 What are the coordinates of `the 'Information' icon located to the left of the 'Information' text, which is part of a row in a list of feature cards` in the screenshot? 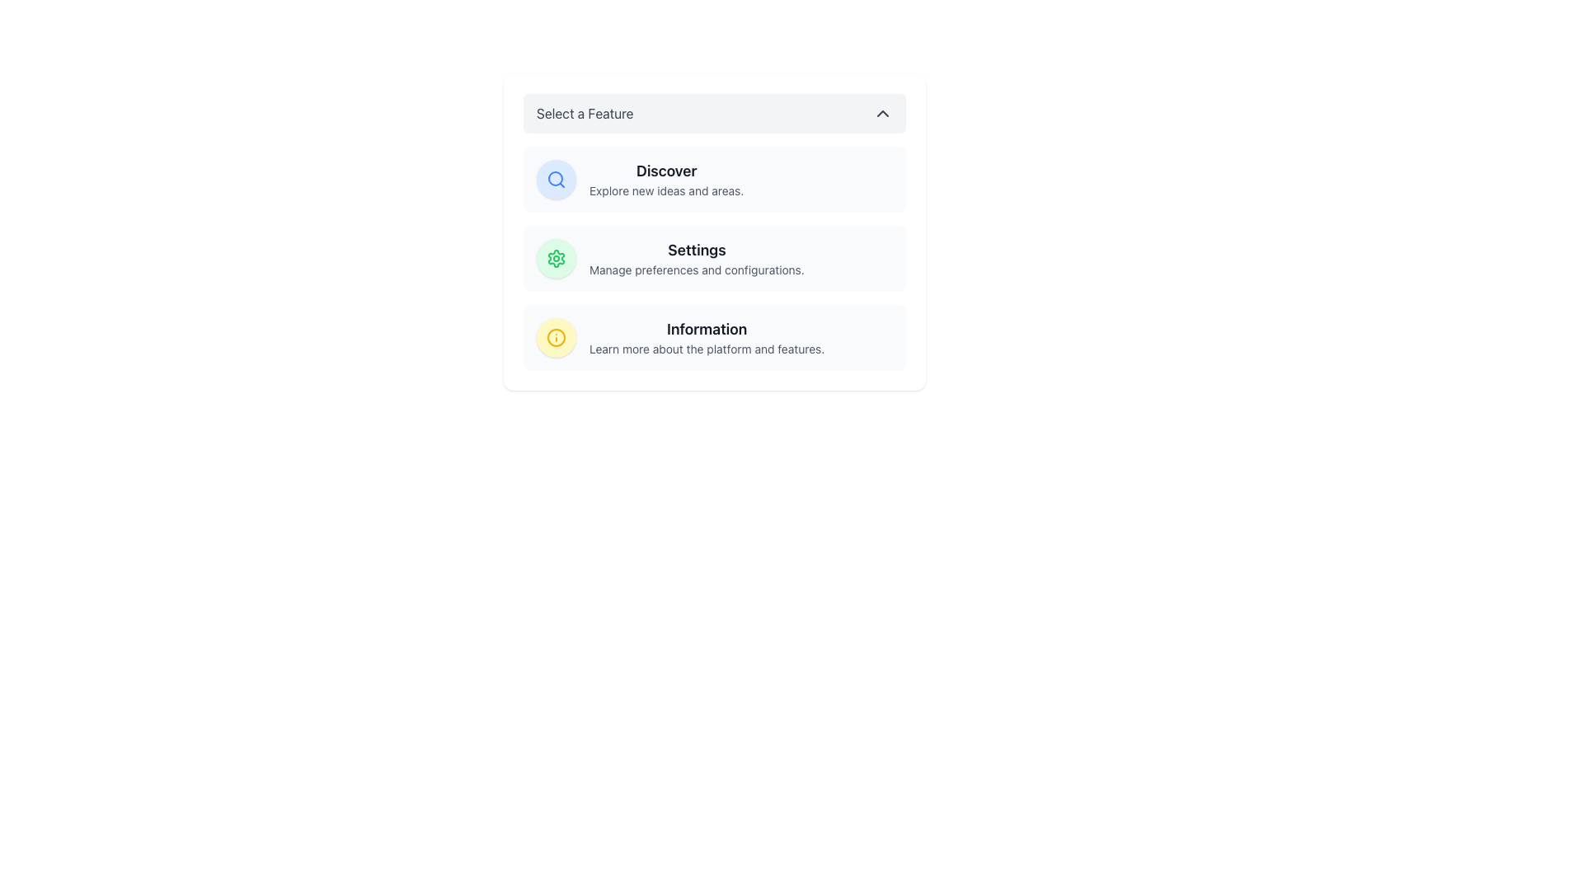 It's located at (557, 336).